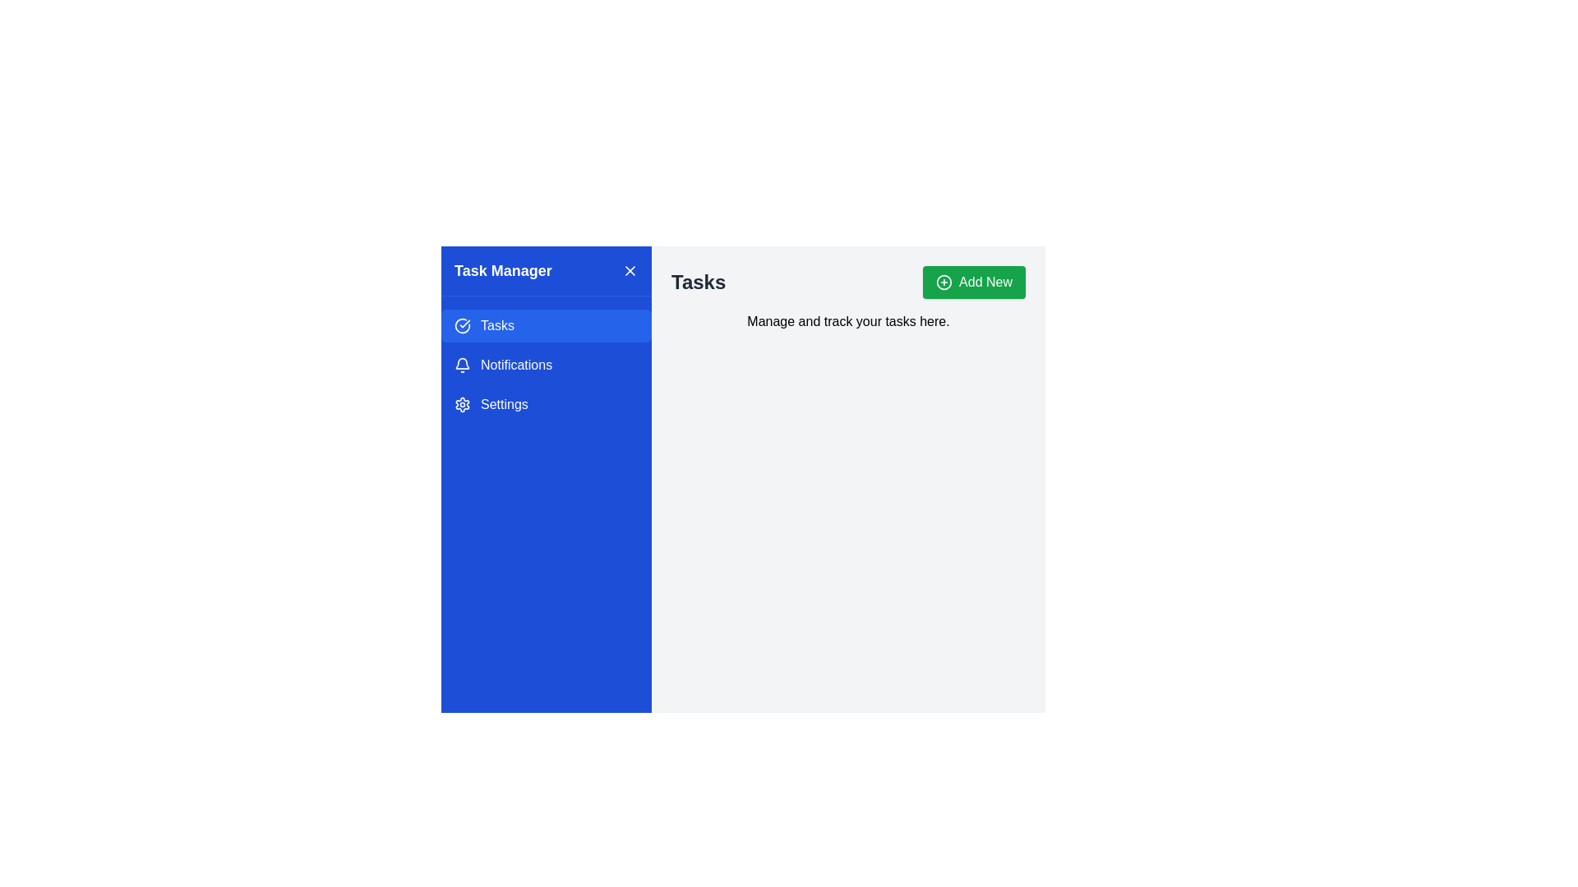 The image size is (1578, 887). I want to click on the circular checkmark icon with a blue background, so click(461, 326).